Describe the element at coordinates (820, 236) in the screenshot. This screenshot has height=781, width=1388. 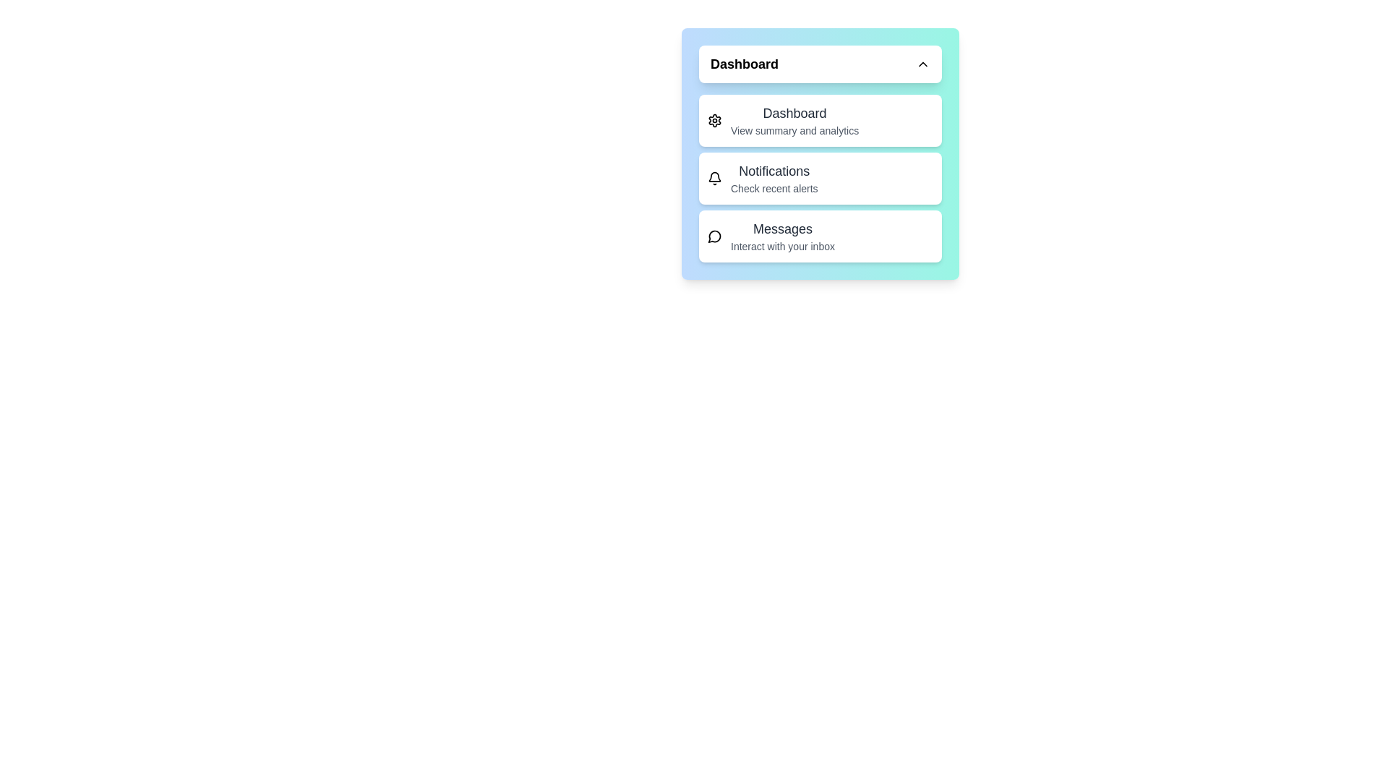
I see `the menu item Messages by clicking on it` at that location.